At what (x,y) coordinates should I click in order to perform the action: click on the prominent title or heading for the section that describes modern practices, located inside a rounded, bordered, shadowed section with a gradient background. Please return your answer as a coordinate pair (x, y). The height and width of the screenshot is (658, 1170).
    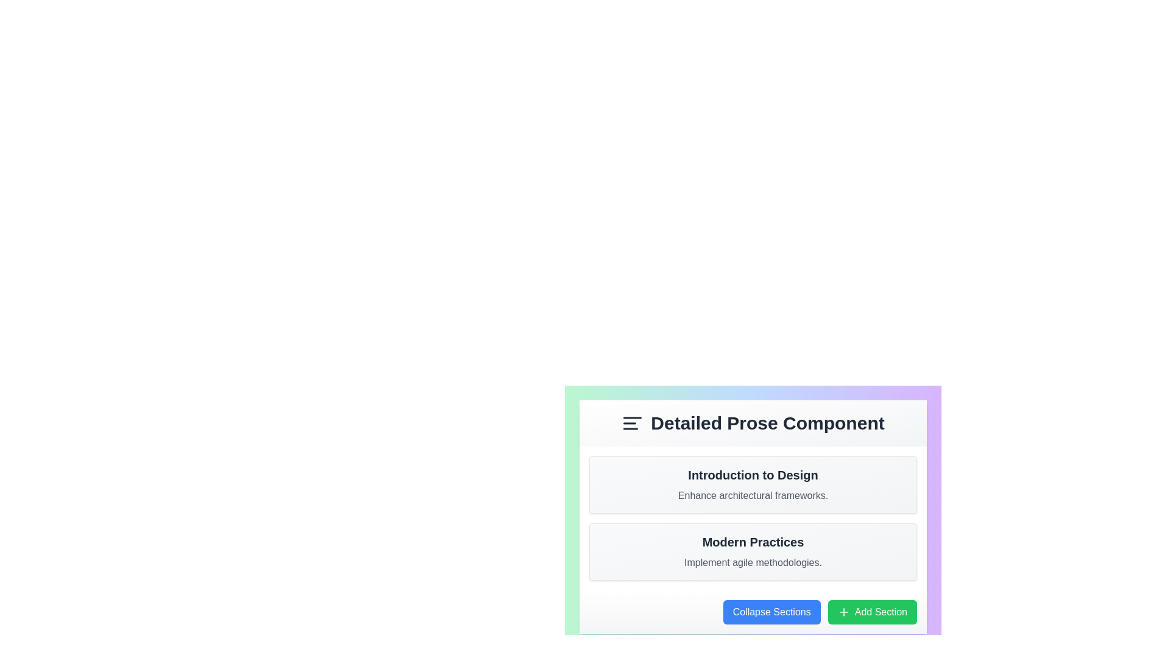
    Looking at the image, I should click on (753, 542).